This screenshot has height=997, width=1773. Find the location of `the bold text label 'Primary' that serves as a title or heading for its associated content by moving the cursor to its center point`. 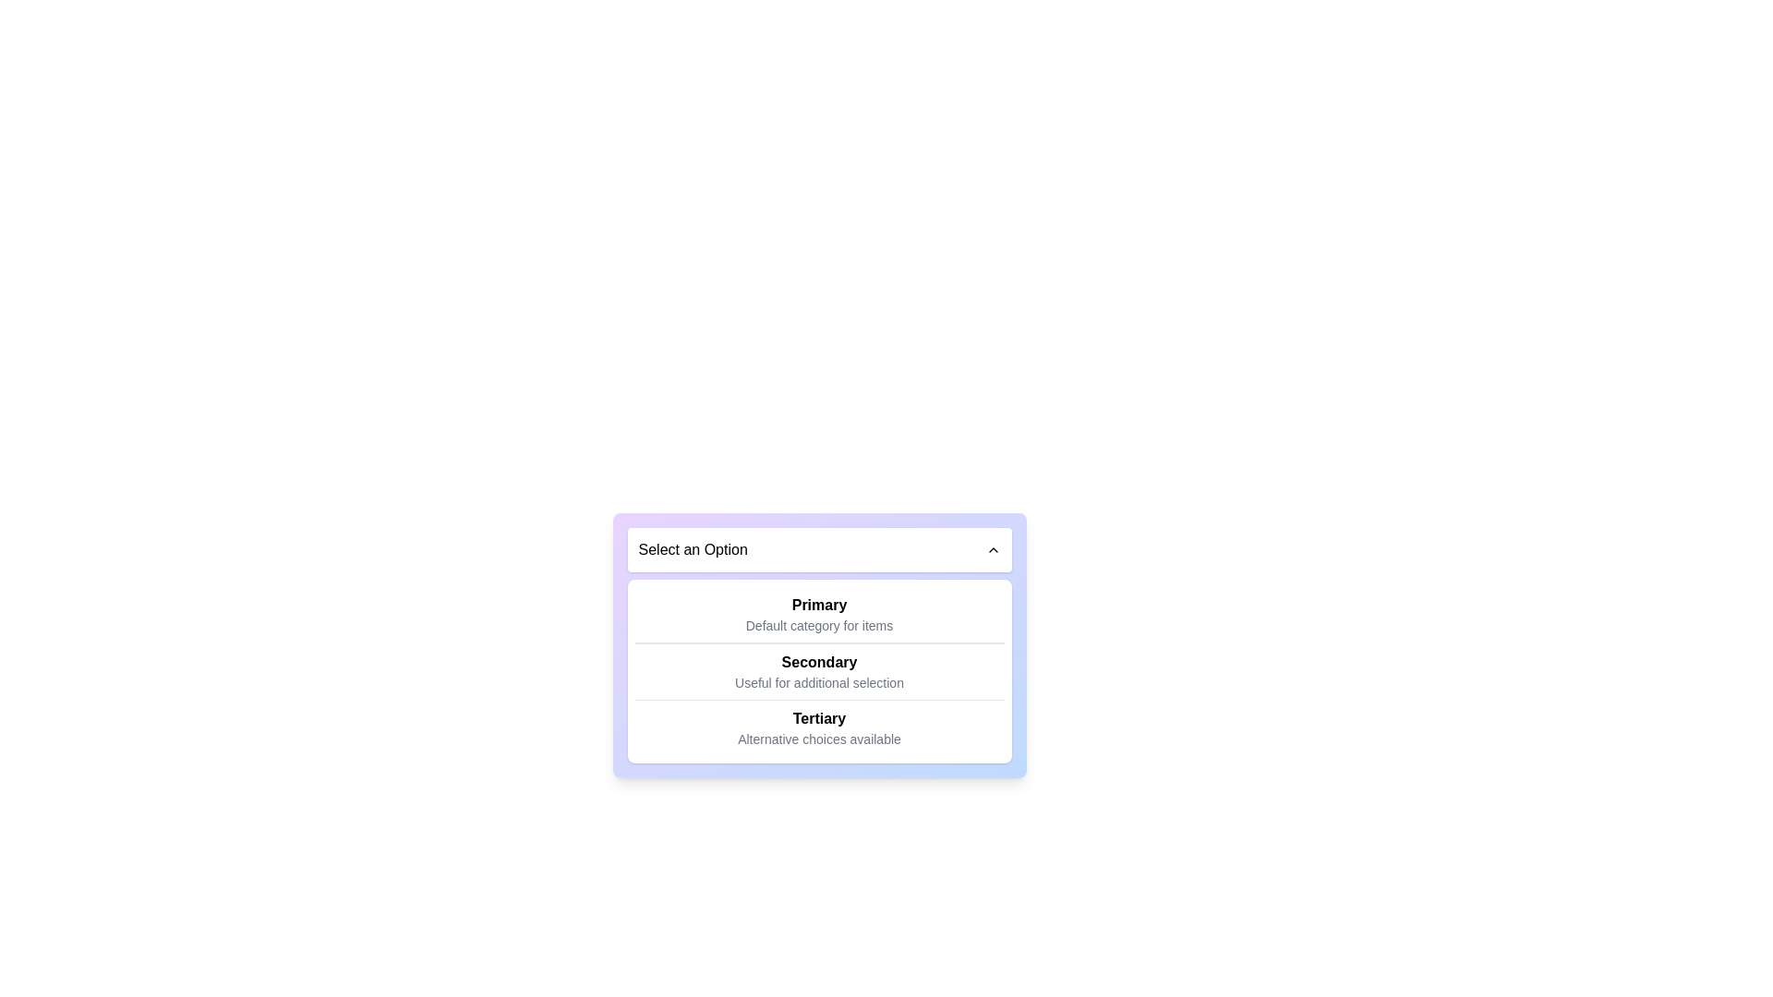

the bold text label 'Primary' that serves as a title or heading for its associated content by moving the cursor to its center point is located at coordinates (818, 605).